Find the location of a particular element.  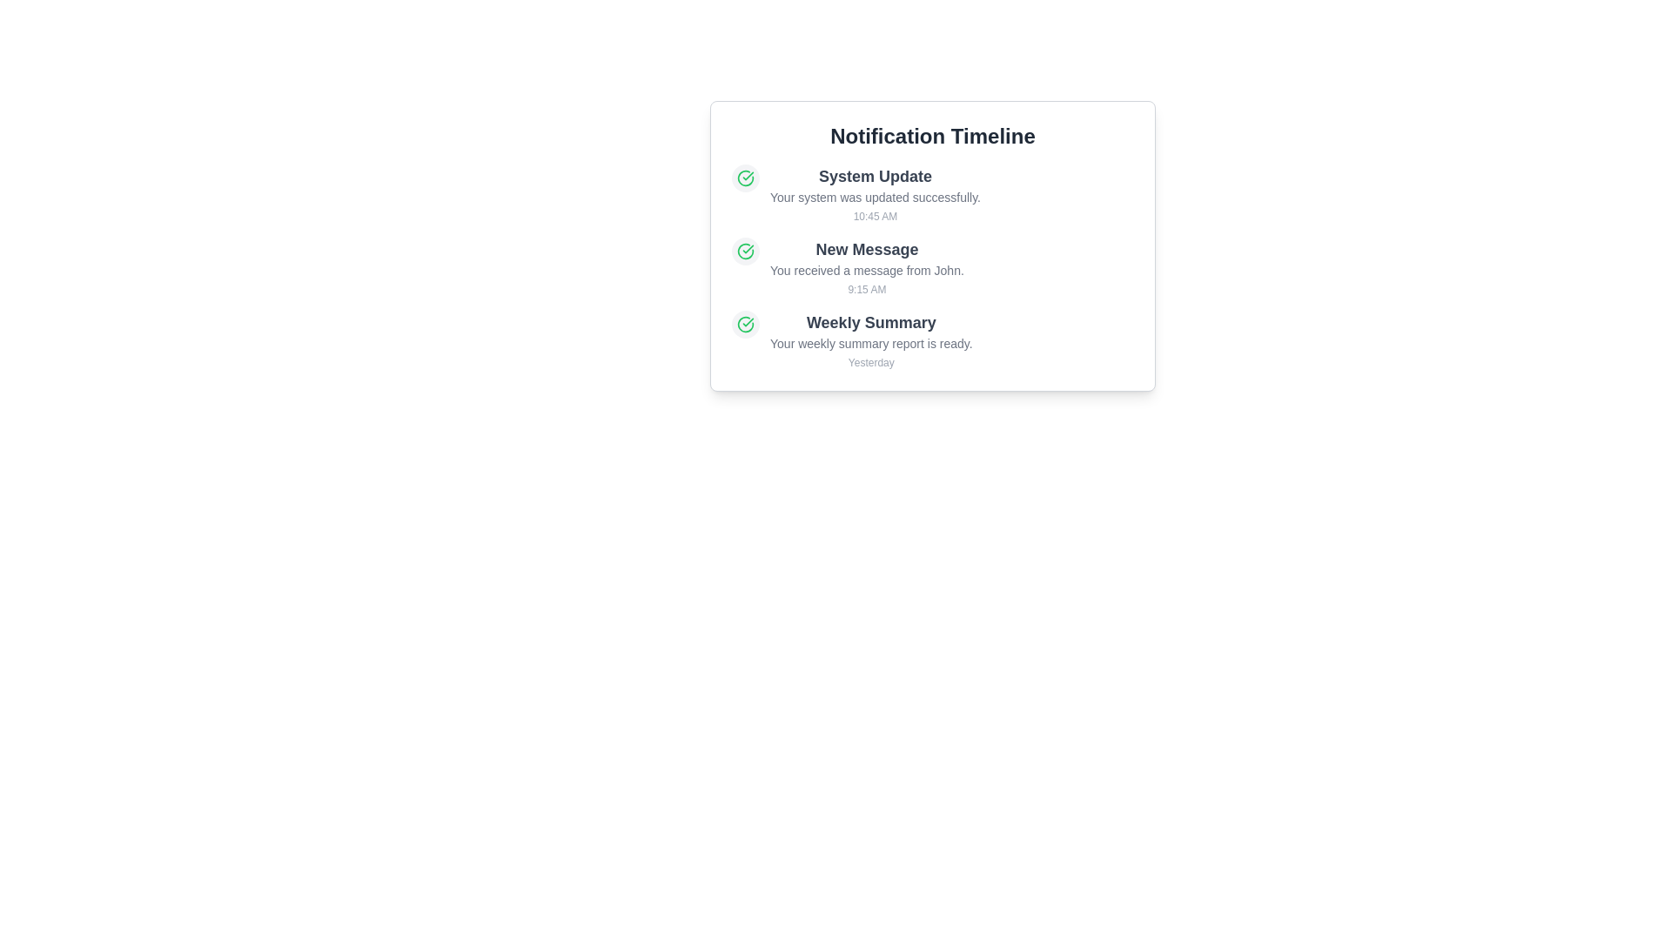

the title text label for the weekly summary notification, located in the third notification block from the top in the 'Notification Timeline' panel is located at coordinates (871, 322).